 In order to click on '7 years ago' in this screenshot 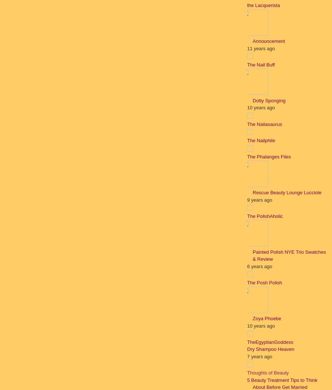, I will do `click(259, 356)`.